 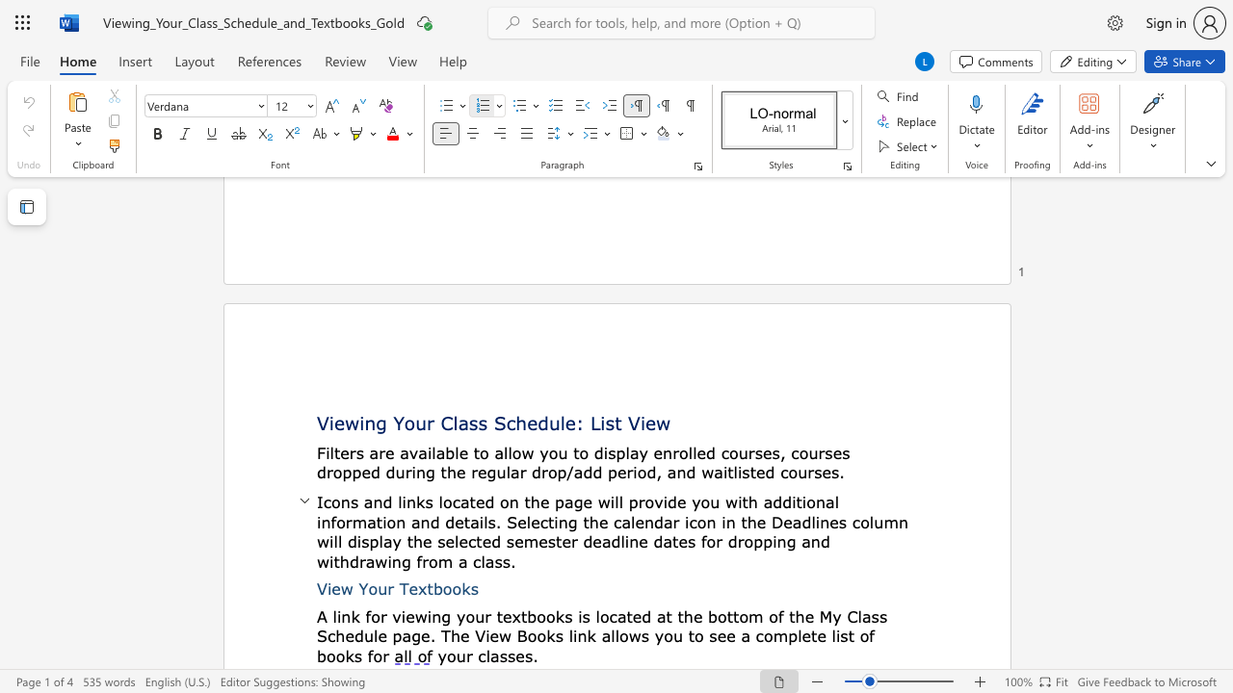 What do you see at coordinates (370, 422) in the screenshot?
I see `the 1th character "n" in the text` at bounding box center [370, 422].